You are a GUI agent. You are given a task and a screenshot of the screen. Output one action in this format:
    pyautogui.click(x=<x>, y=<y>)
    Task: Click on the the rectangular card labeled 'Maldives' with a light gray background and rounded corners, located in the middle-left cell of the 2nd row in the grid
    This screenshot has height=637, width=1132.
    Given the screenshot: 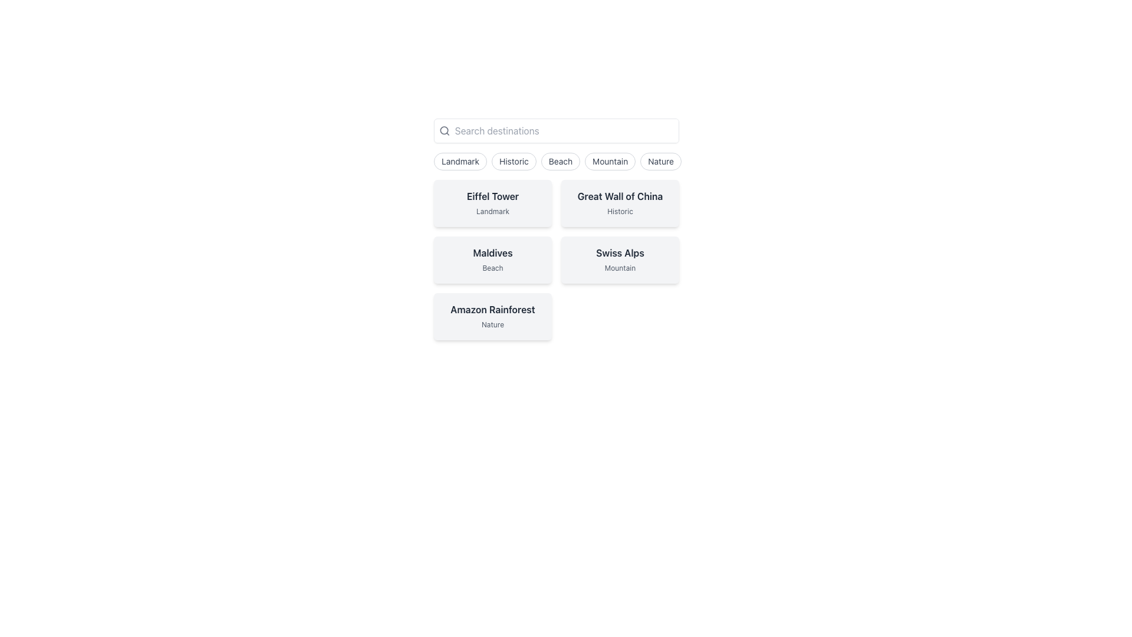 What is the action you would take?
    pyautogui.click(x=492, y=259)
    